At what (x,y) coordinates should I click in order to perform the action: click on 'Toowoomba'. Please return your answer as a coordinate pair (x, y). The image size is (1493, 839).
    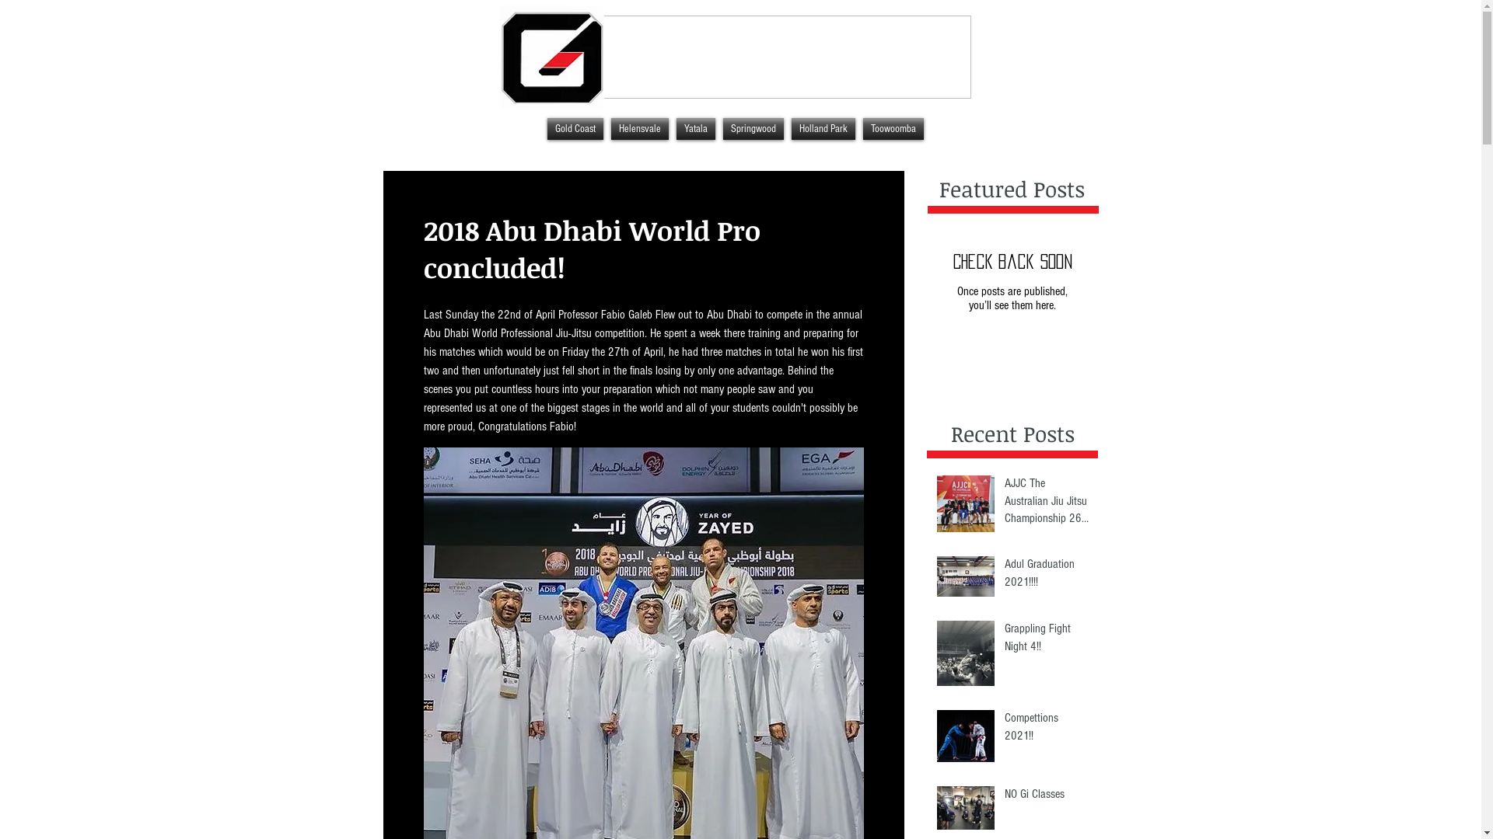
    Looking at the image, I should click on (892, 127).